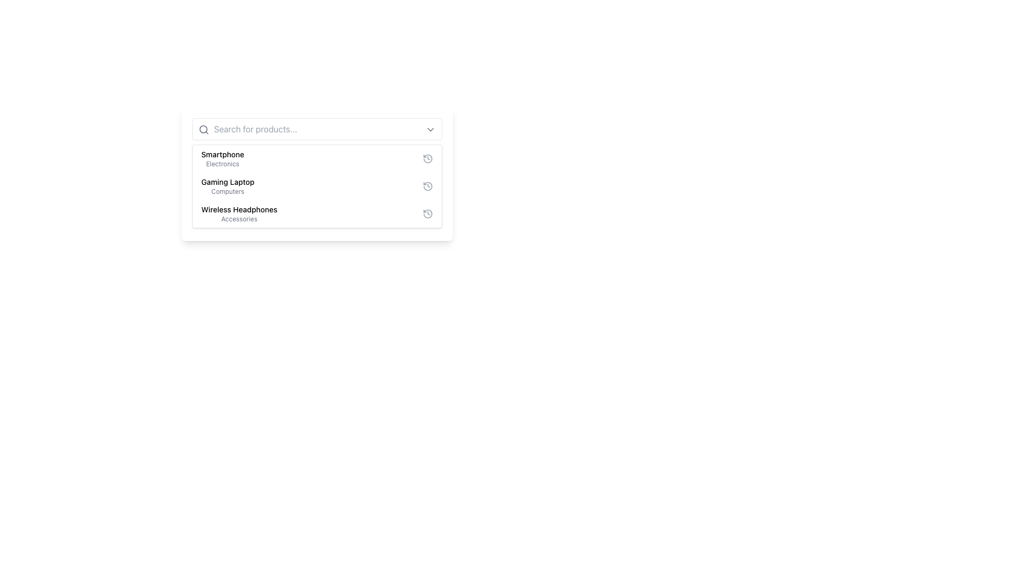 This screenshot has width=1017, height=572. What do you see at coordinates (238, 218) in the screenshot?
I see `text content of the label displaying 'Accessories', which is located directly beneath the 'Wireless Headphones' title in a smaller light gray font` at bounding box center [238, 218].